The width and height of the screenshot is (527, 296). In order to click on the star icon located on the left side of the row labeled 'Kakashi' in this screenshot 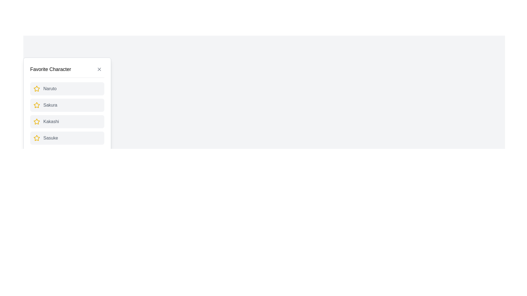, I will do `click(37, 121)`.